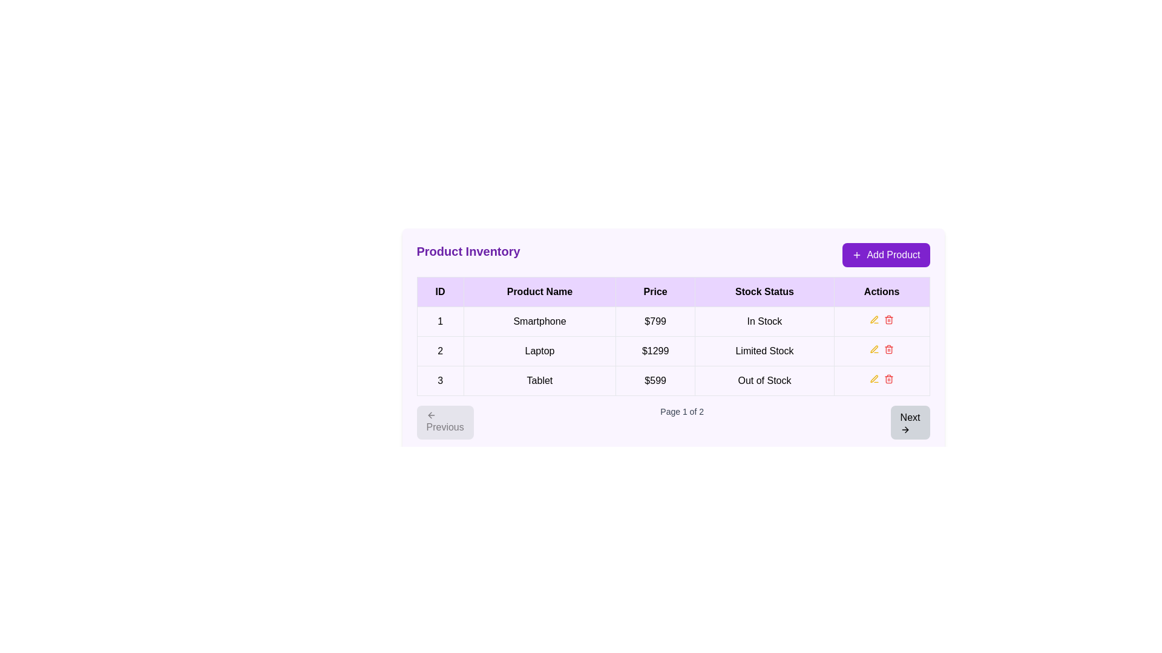 The width and height of the screenshot is (1162, 653). What do you see at coordinates (539, 291) in the screenshot?
I see `the 'Product Name' column header in the data table, which is the second column from the left, located between the 'ID' and 'Price' columns` at bounding box center [539, 291].